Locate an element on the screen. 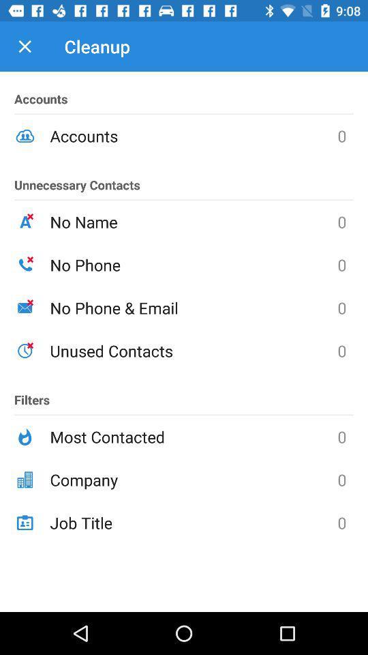 Image resolution: width=368 pixels, height=655 pixels. unused contacts icon is located at coordinates (193, 350).